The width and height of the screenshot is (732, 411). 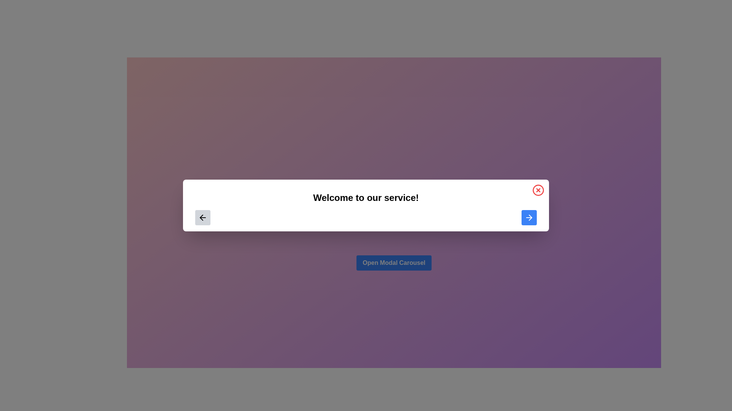 I want to click on the blue button with a white arrow icon located in the modal dialog box, so click(x=528, y=217).